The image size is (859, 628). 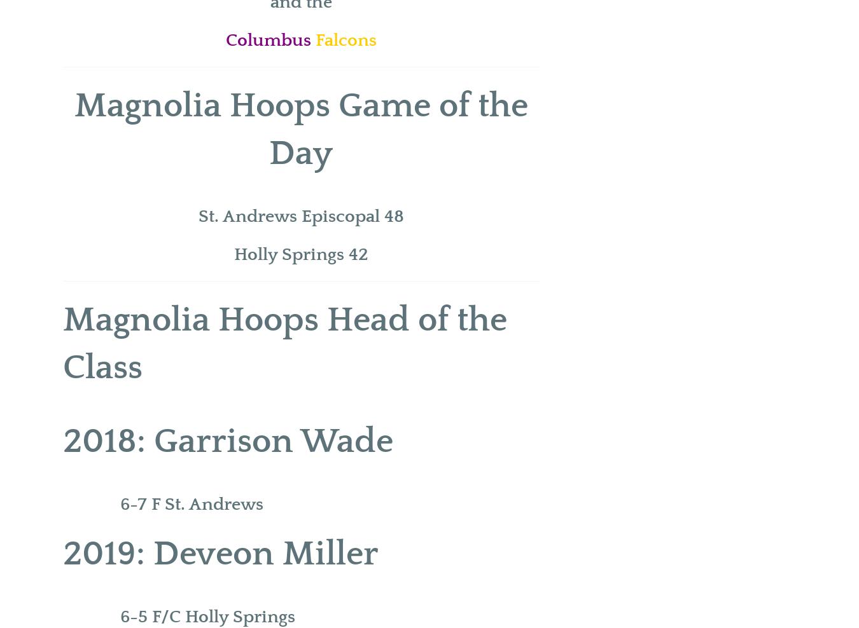 What do you see at coordinates (270, 40) in the screenshot?
I see `'Columbus'` at bounding box center [270, 40].